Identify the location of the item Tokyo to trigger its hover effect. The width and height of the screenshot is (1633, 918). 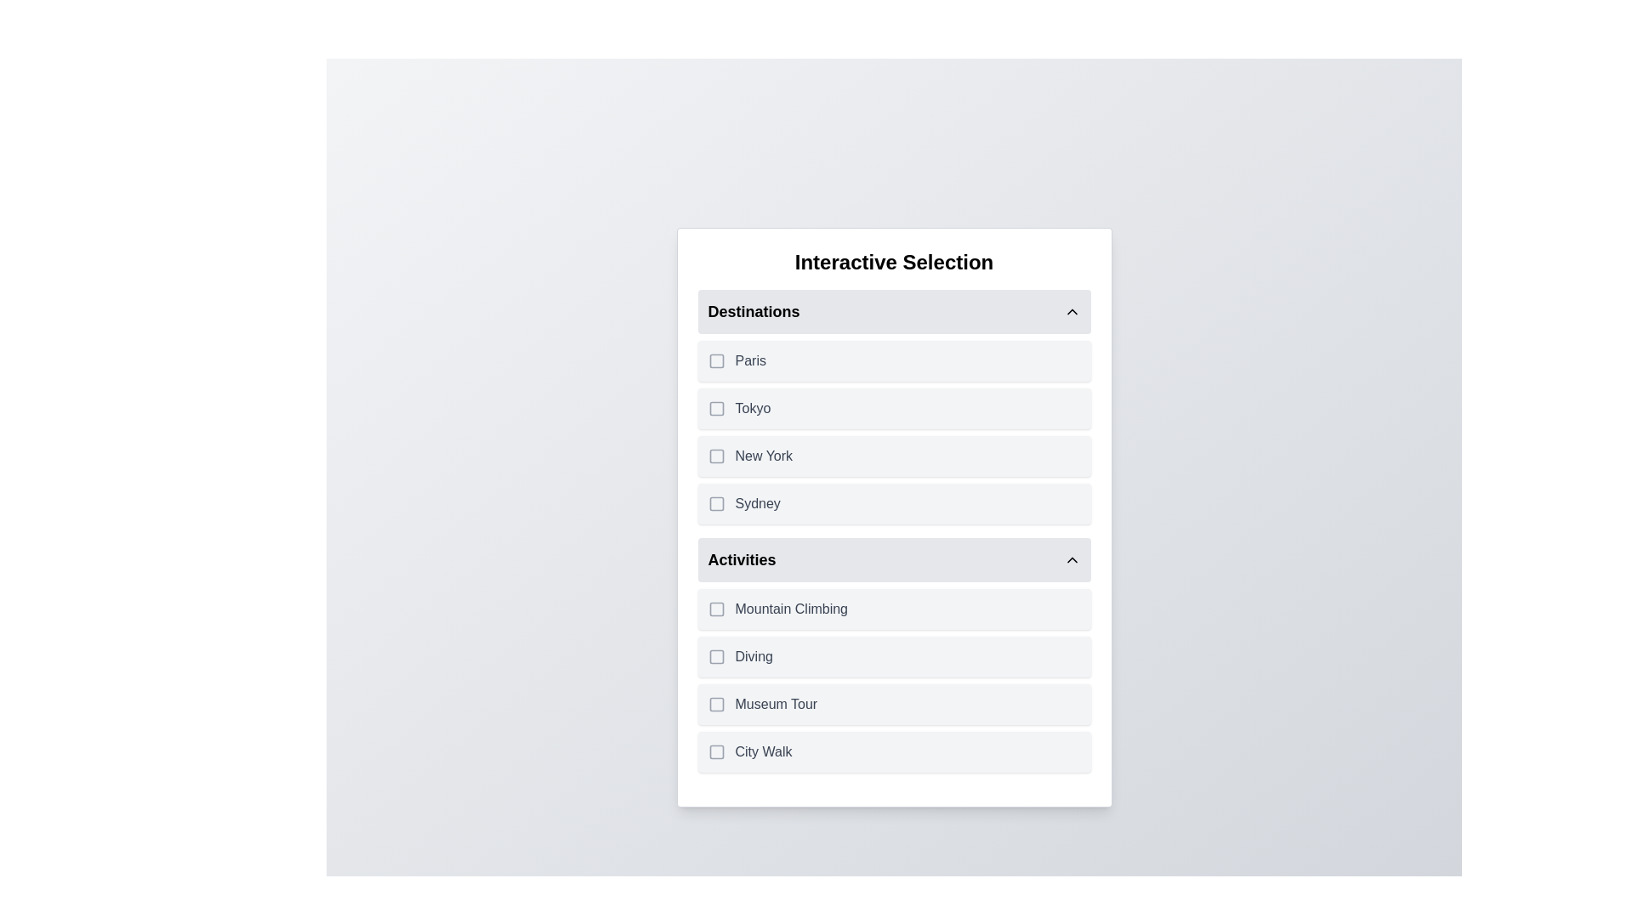
(893, 409).